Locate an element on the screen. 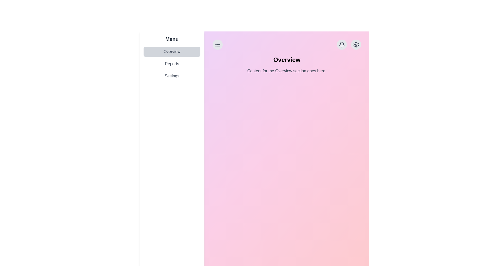 This screenshot has height=274, width=487. the 'Settings' menu item, which is the third item in the vertical list of the left sidebar menu and is styled in a gray font is located at coordinates (172, 76).